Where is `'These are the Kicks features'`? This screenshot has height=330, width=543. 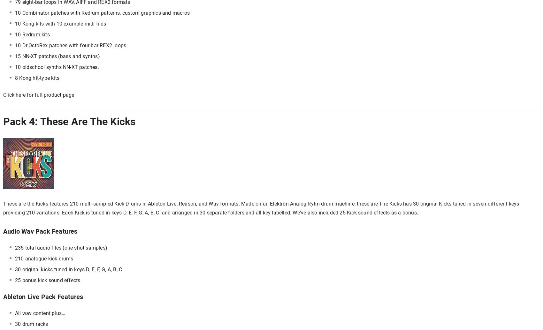 'These are the Kicks features' is located at coordinates (36, 204).